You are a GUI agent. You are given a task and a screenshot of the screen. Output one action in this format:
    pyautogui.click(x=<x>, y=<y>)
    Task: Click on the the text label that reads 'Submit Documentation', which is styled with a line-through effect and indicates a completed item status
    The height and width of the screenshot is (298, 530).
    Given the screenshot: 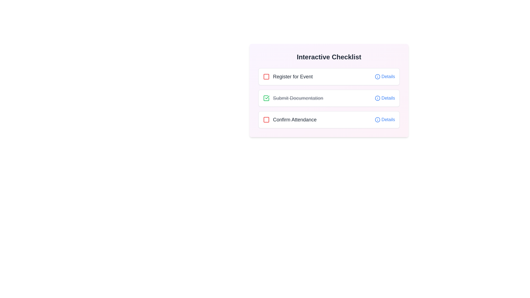 What is the action you would take?
    pyautogui.click(x=298, y=98)
    